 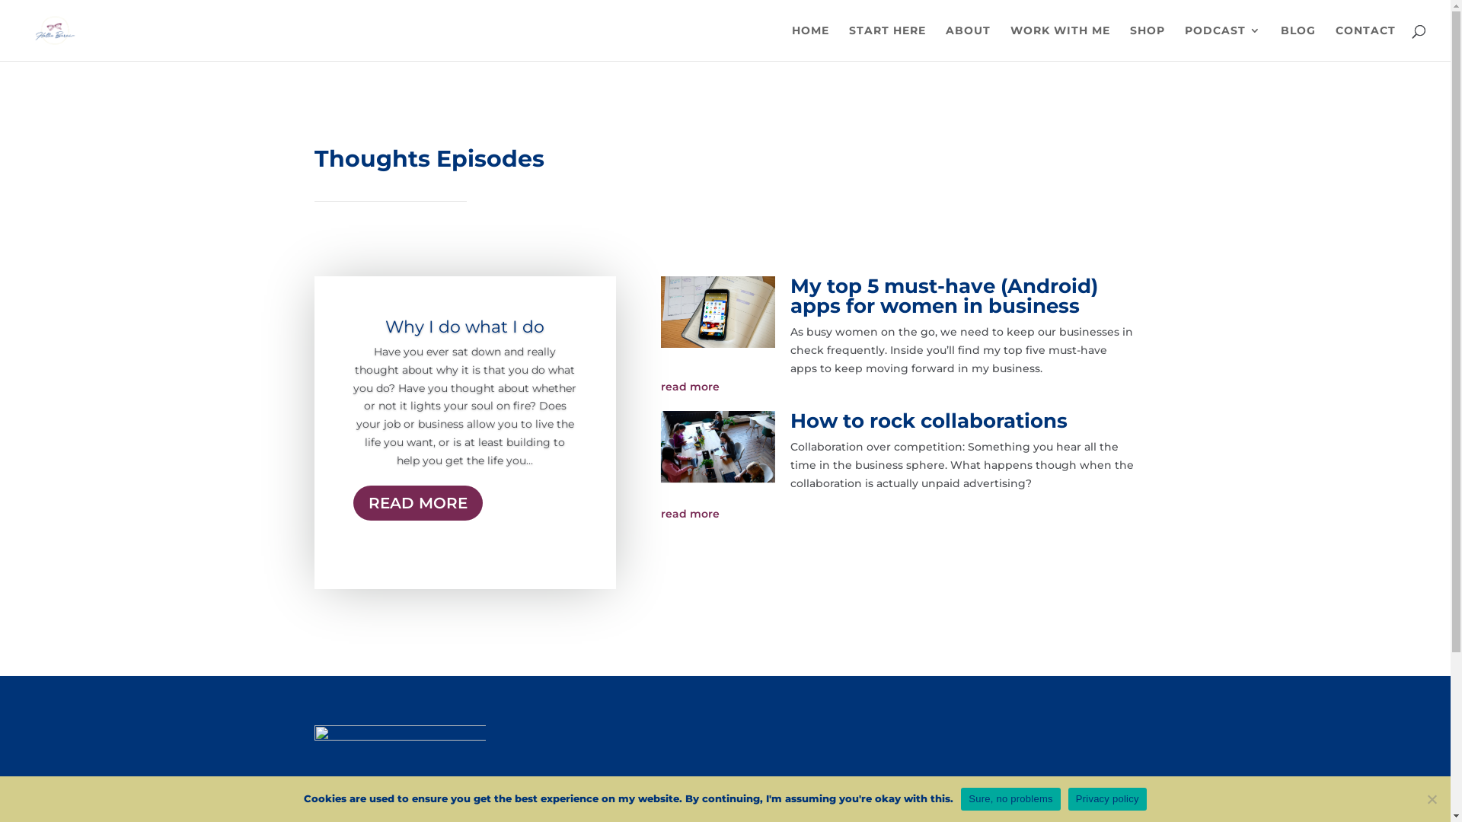 What do you see at coordinates (417, 502) in the screenshot?
I see `'READ MORE'` at bounding box center [417, 502].